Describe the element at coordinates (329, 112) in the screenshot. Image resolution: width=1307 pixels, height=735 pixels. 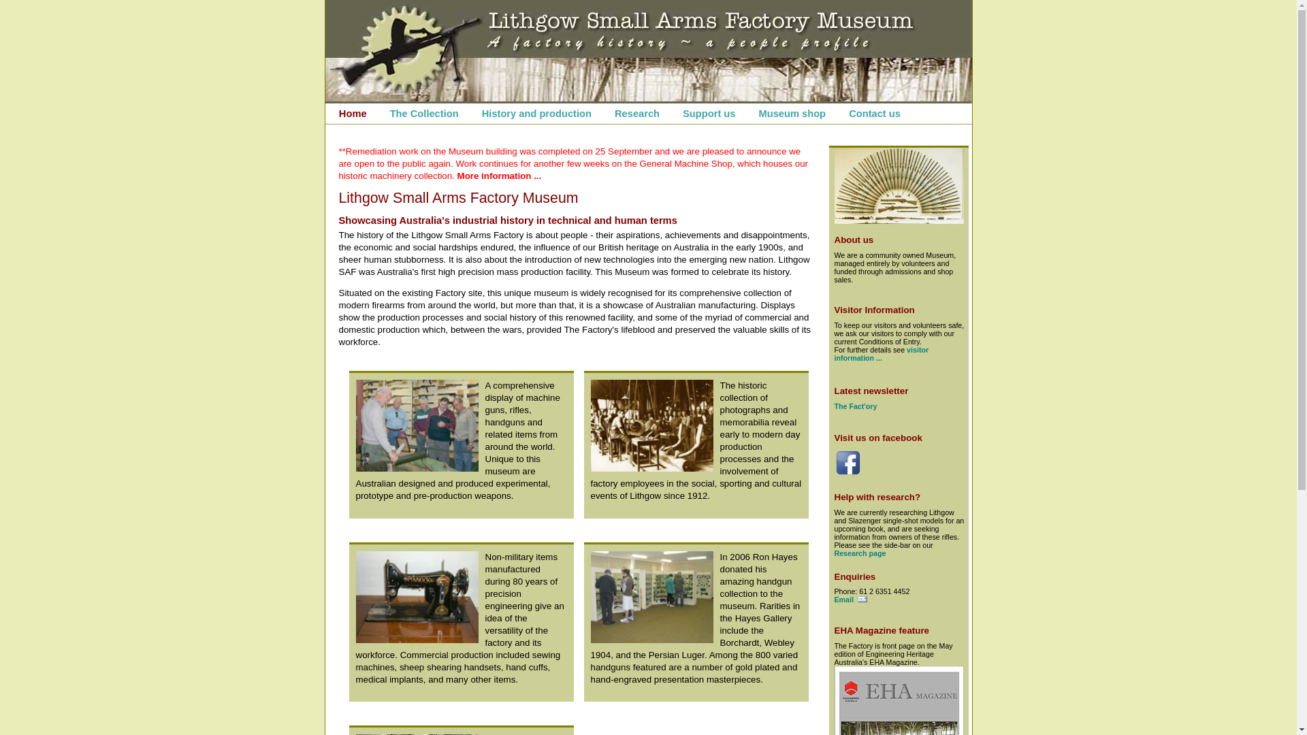
I see `'Home'` at that location.